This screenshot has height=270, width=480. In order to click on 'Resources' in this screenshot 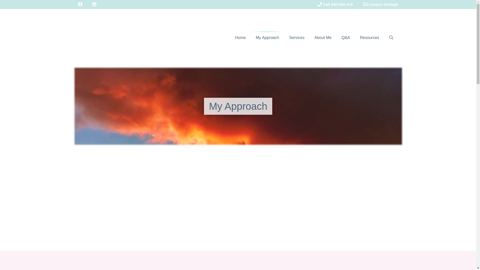, I will do `click(355, 37)`.